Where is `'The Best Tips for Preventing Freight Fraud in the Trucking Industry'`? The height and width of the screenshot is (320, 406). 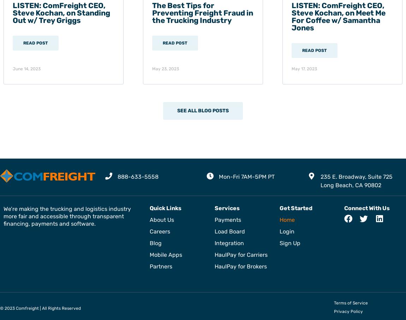
'The Best Tips for Preventing Freight Fraud in the Trucking Industry' is located at coordinates (202, 12).